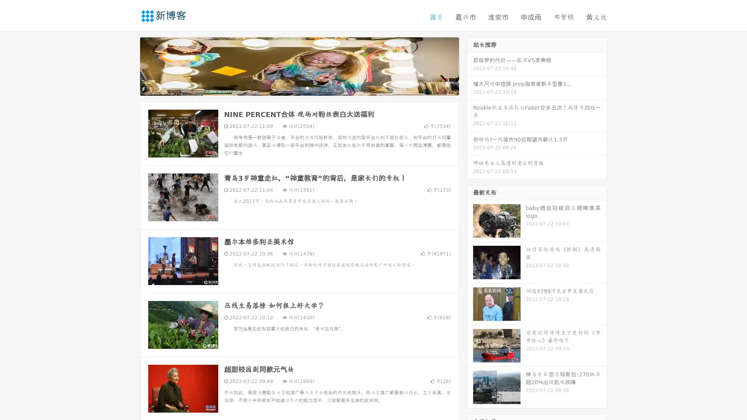 Image resolution: width=747 pixels, height=420 pixels. Describe the element at coordinates (307, 87) in the screenshot. I see `Go to slide 3` at that location.